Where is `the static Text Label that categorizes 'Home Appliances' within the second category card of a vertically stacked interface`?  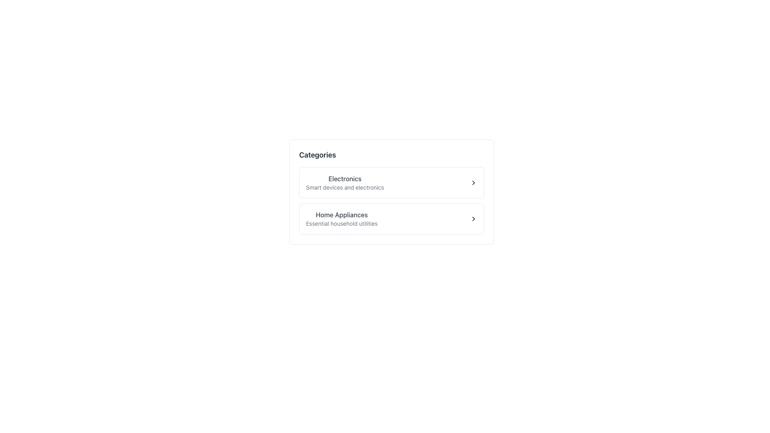
the static Text Label that categorizes 'Home Appliances' within the second category card of a vertically stacked interface is located at coordinates (342, 214).